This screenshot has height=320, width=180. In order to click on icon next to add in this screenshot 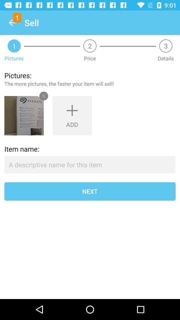, I will do `click(24, 116)`.